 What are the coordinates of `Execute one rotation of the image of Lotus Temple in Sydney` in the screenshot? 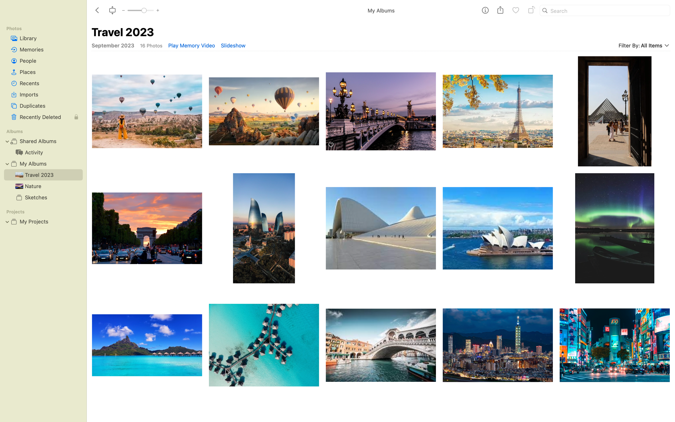 It's located at (498, 228).